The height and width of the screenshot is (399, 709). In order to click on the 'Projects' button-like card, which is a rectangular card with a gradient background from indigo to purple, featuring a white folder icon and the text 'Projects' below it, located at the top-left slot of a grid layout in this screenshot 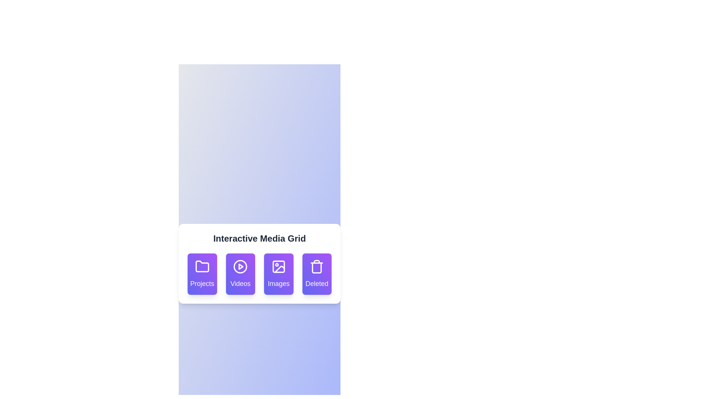, I will do `click(202, 274)`.